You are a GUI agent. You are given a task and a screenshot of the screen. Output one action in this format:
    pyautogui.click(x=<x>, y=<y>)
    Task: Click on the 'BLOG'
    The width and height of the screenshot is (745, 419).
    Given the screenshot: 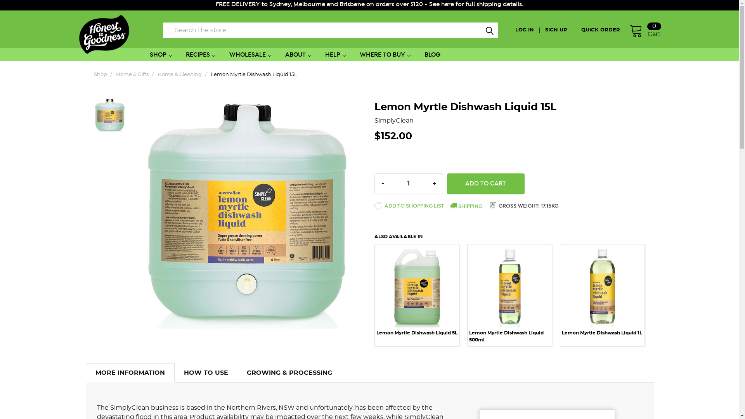 What is the action you would take?
    pyautogui.click(x=432, y=54)
    